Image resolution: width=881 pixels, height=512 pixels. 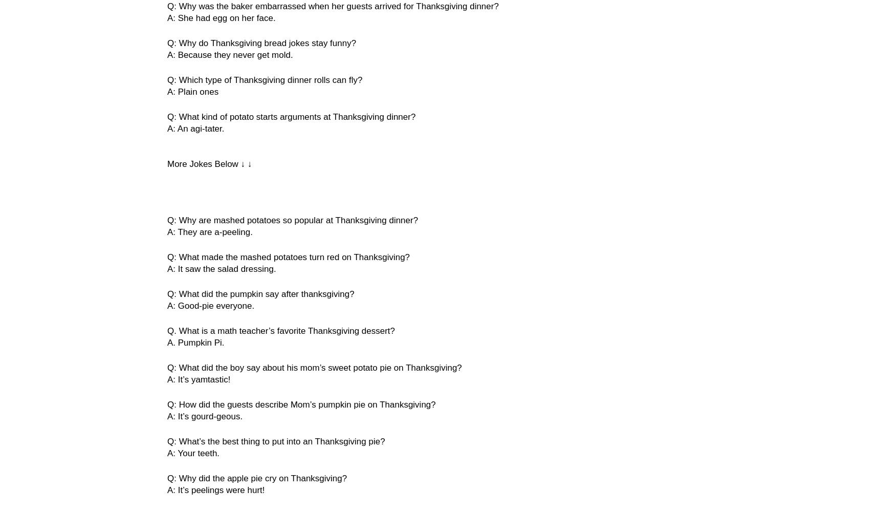 I want to click on 'A: Good-pie everyone.', so click(x=167, y=305).